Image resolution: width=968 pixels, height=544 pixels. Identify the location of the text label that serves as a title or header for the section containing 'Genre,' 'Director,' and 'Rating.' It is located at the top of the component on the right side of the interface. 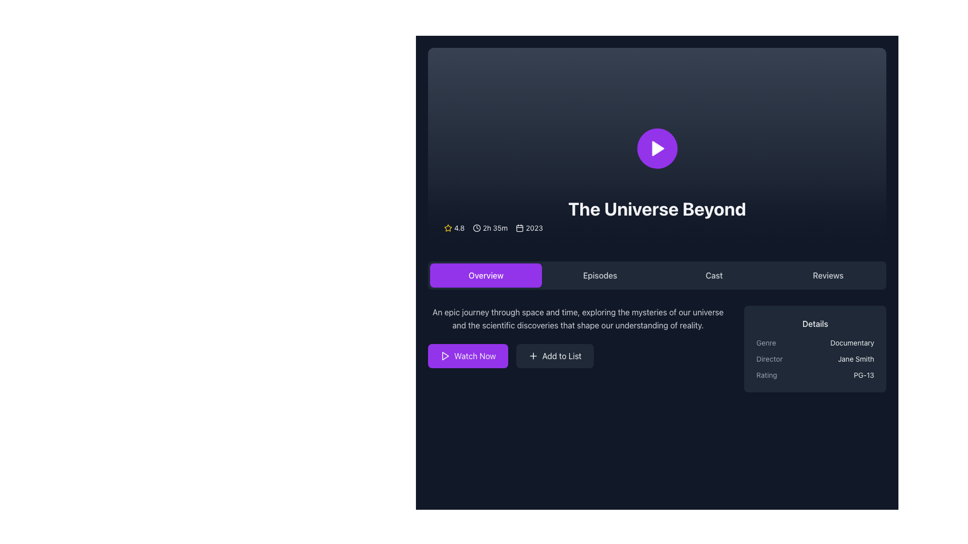
(815, 324).